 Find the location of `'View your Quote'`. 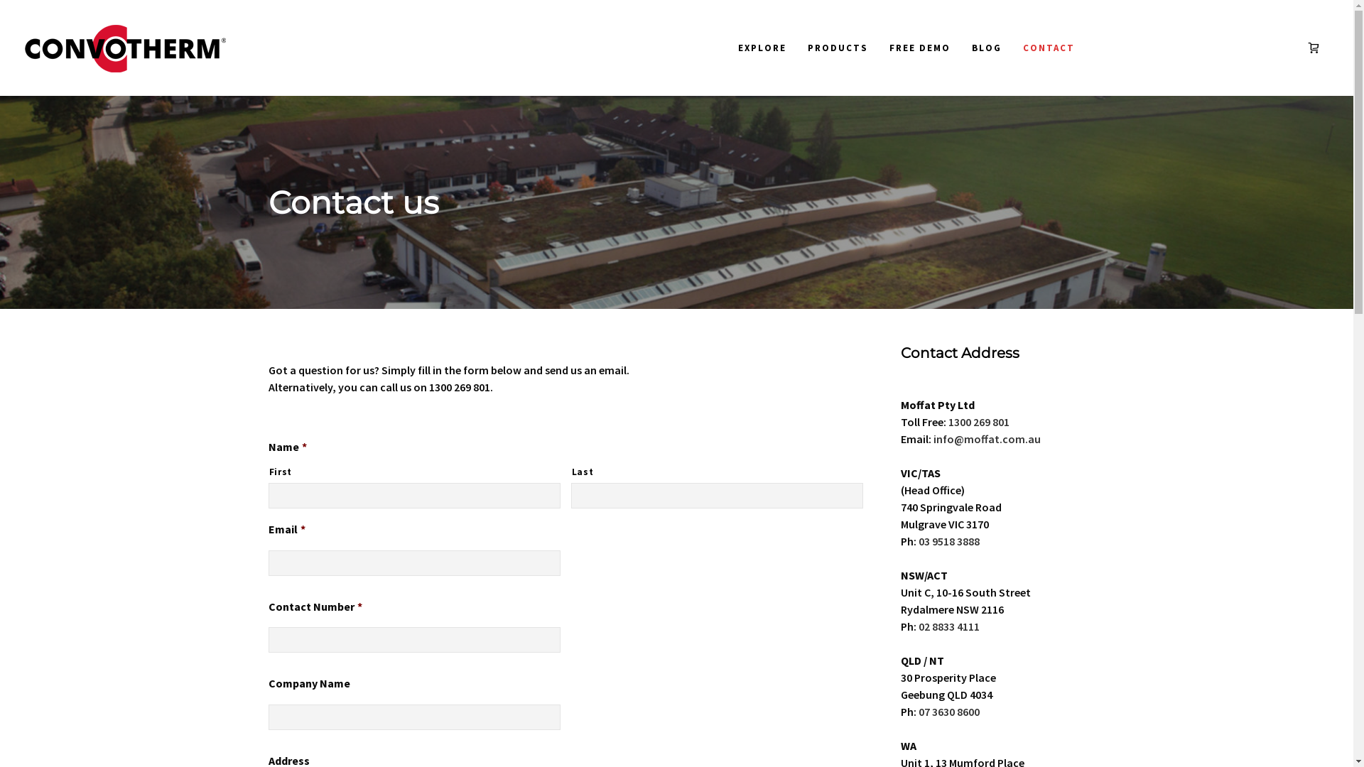

'View your Quote' is located at coordinates (1316, 47).